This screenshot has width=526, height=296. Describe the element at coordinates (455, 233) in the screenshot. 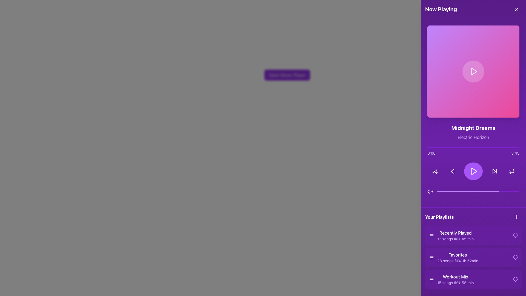

I see `the text label that indicates the name of the first playlist entry in the 'Your Playlists' section, located below the playback control panel` at that location.